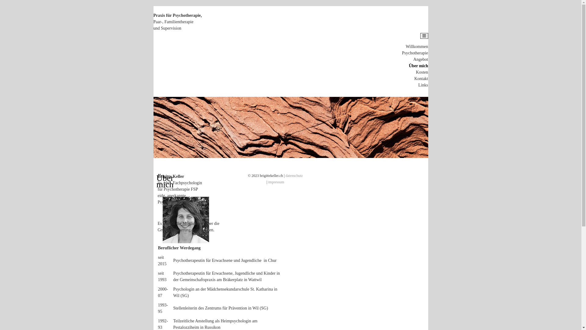 This screenshot has height=330, width=586. I want to click on 'Links', so click(423, 85).